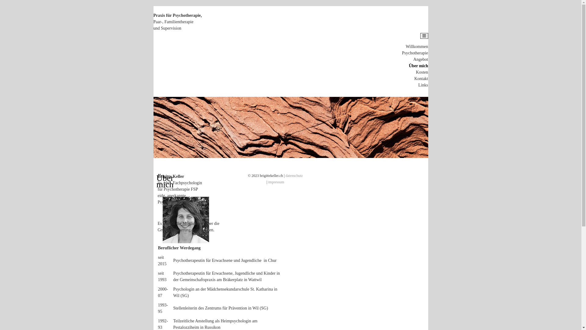 This screenshot has height=330, width=586. I want to click on 'Links', so click(423, 85).